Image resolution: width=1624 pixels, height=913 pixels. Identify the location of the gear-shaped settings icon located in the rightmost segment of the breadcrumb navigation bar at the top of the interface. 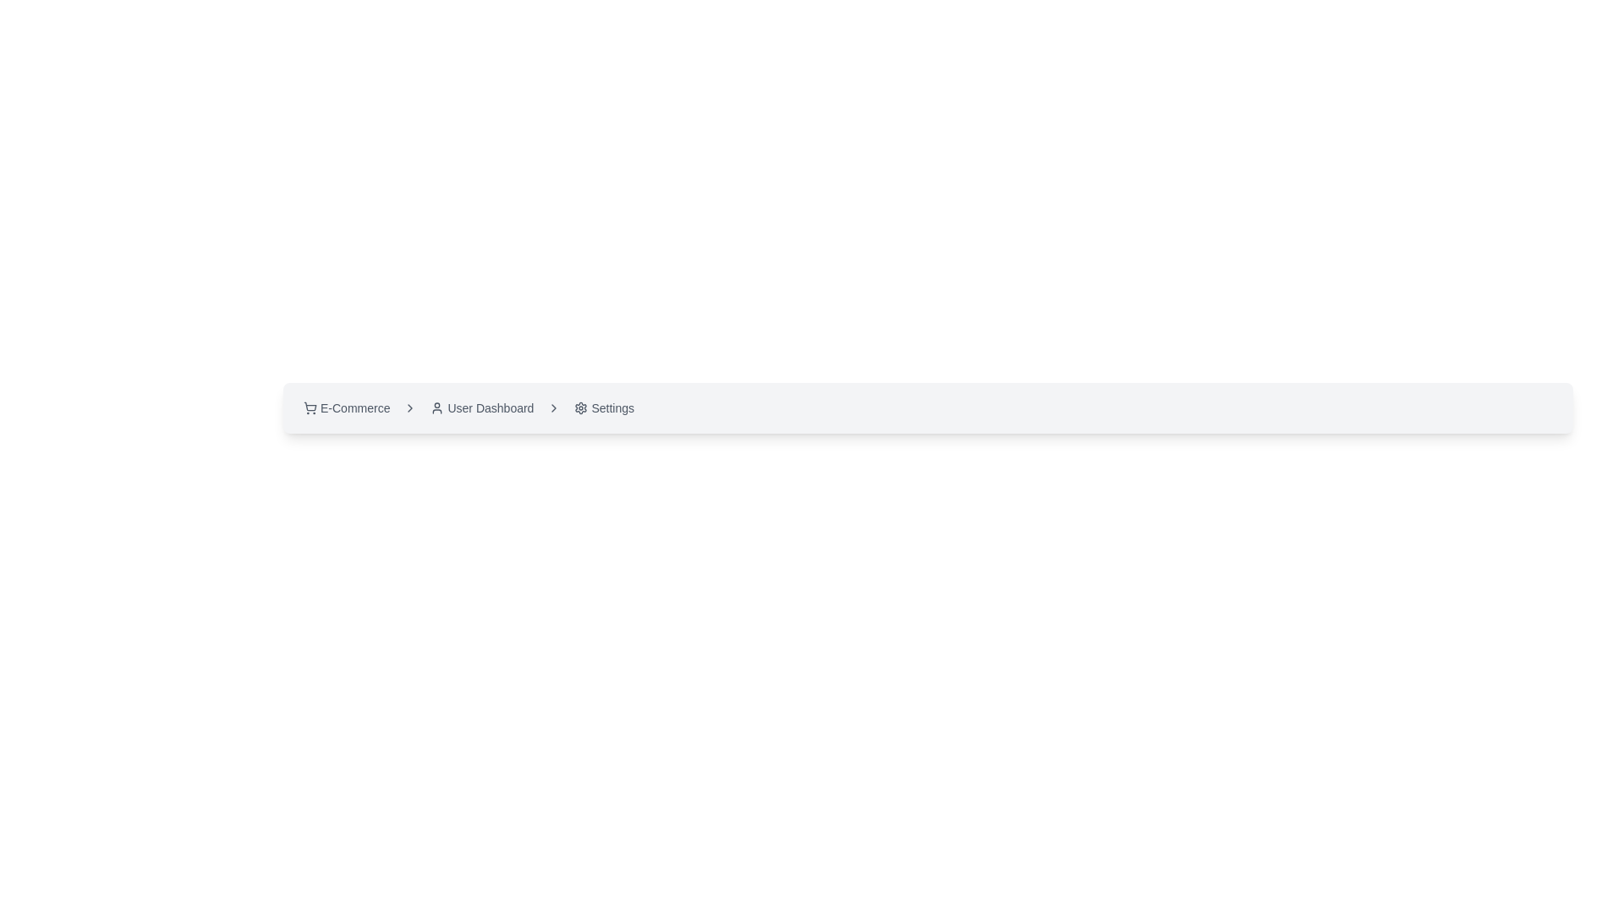
(581, 407).